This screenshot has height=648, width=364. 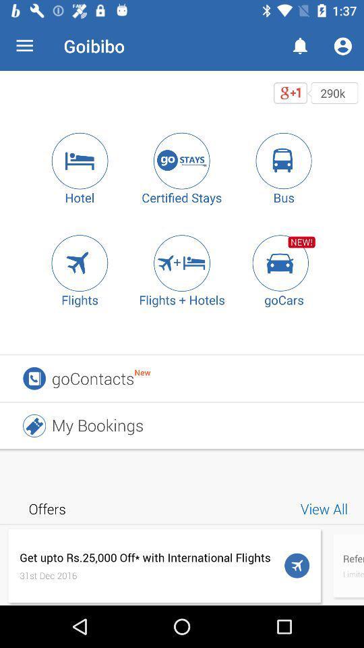 I want to click on hotels, so click(x=80, y=161).